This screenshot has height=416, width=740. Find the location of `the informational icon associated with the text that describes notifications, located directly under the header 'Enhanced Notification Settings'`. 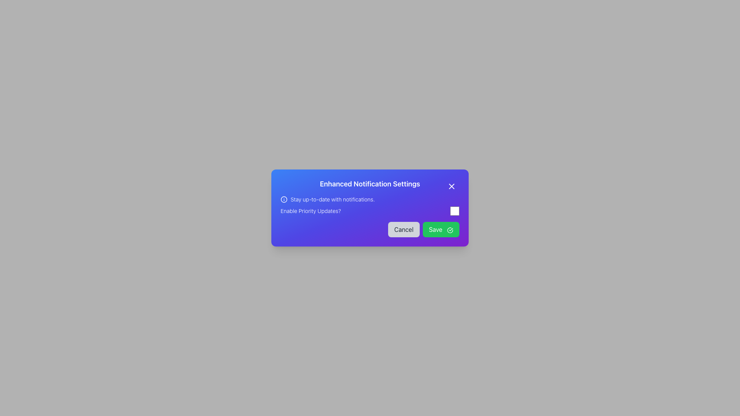

the informational icon associated with the text that describes notifications, located directly under the header 'Enhanced Notification Settings' is located at coordinates (370, 199).